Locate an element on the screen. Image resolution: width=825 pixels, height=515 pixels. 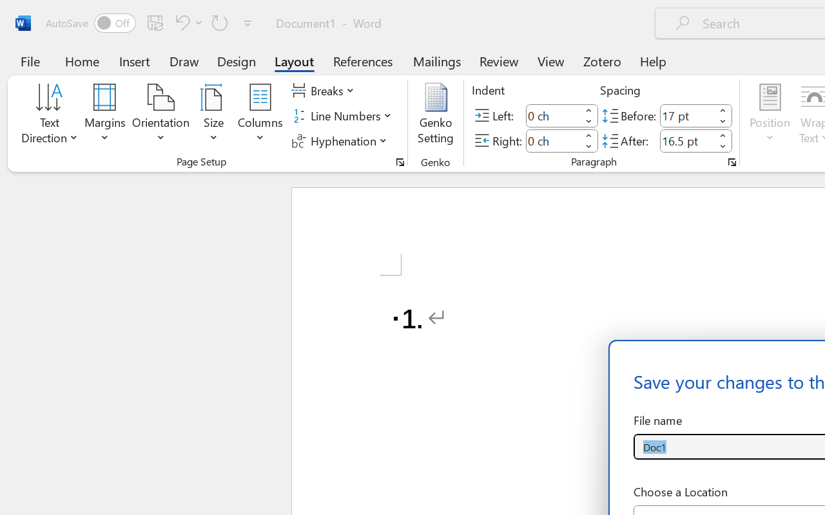
'More' is located at coordinates (723, 135).